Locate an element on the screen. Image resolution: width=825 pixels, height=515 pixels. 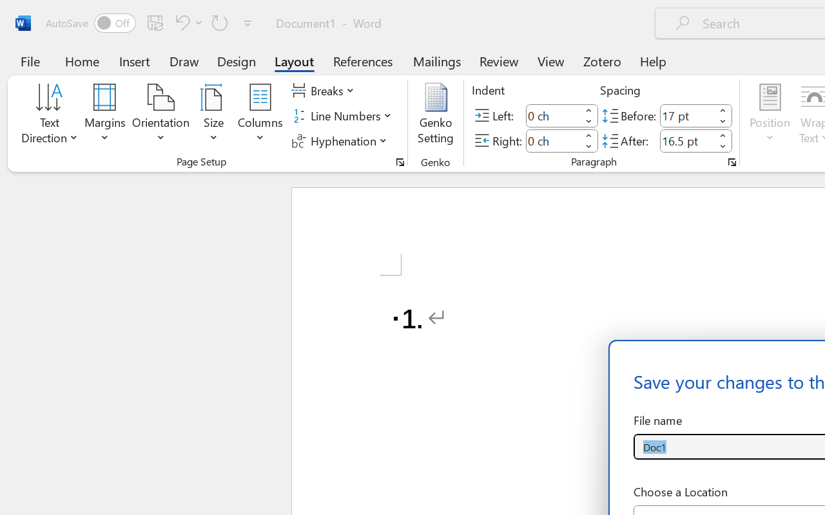
'More' is located at coordinates (723, 135).